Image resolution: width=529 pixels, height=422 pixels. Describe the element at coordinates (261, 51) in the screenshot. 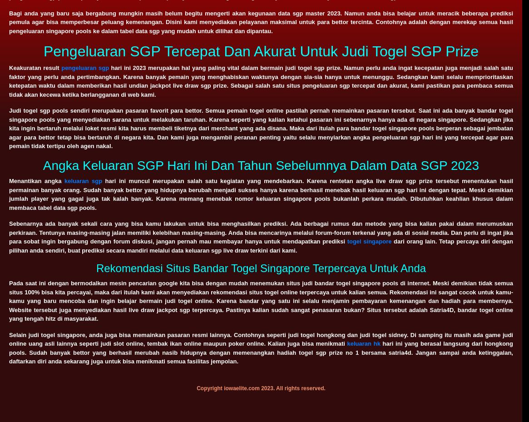

I see `'Pengeluaran SGP Tercepat Dan Akurat Untuk Judi Togel SGP Prize'` at that location.